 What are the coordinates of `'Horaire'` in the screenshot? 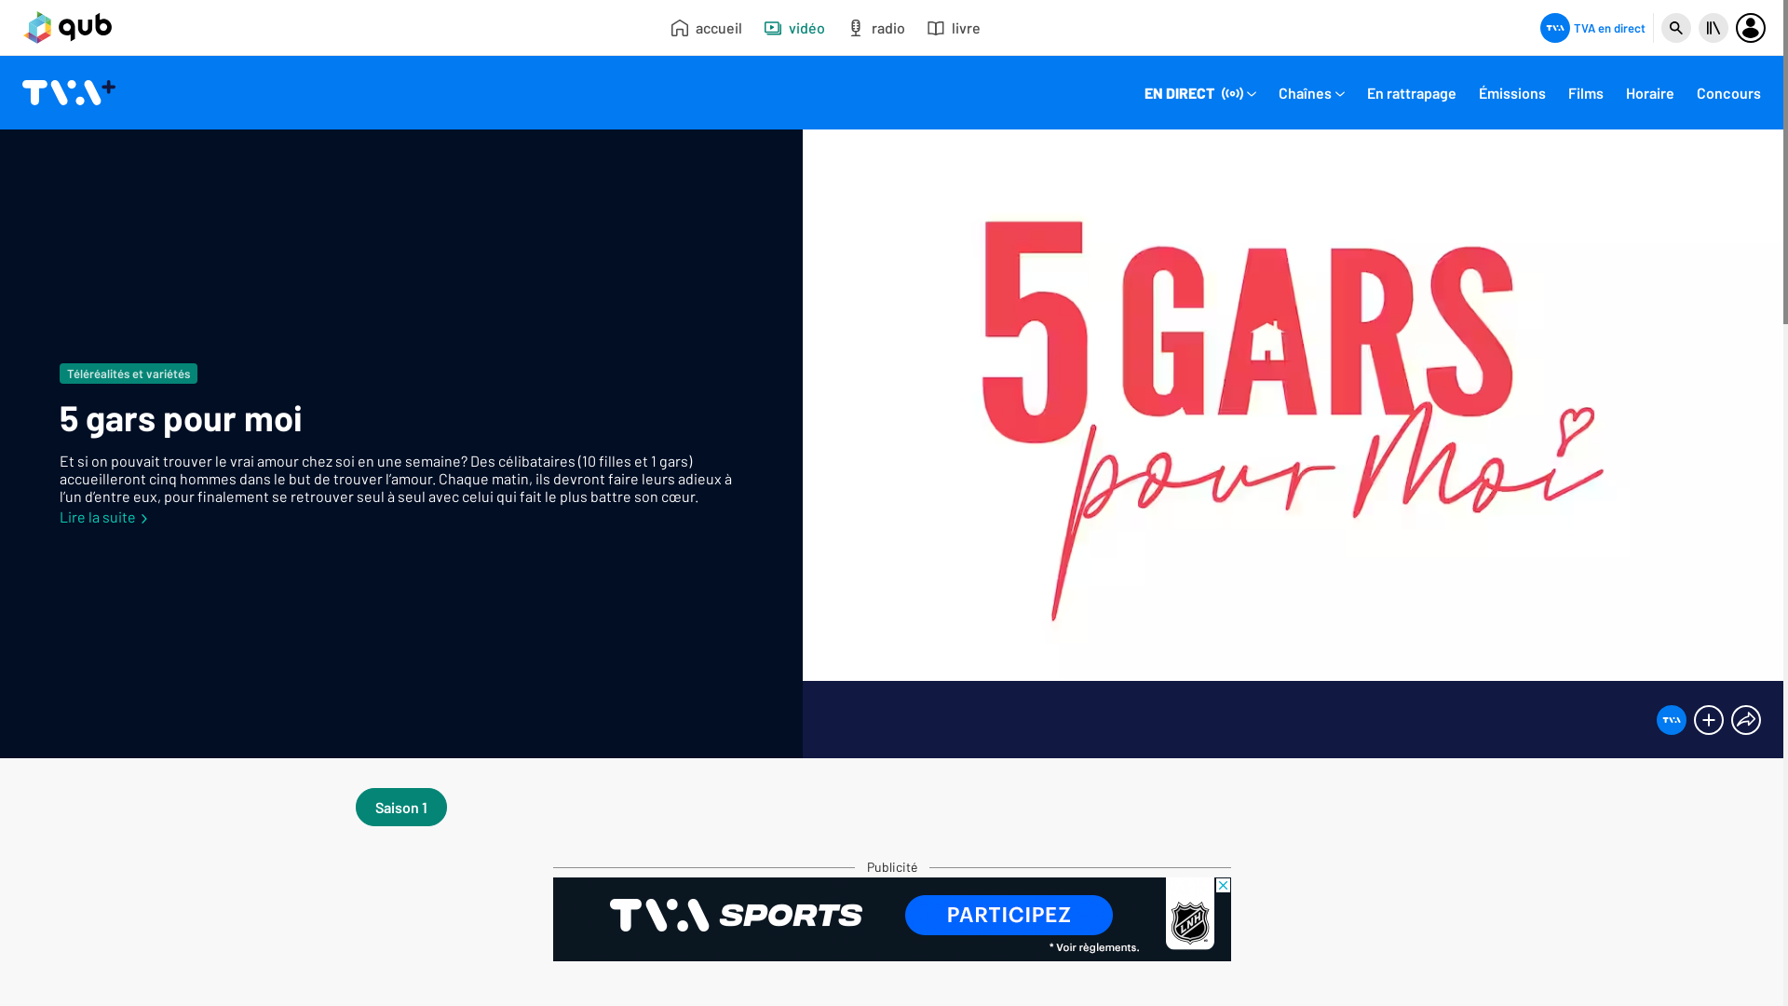 It's located at (1649, 94).